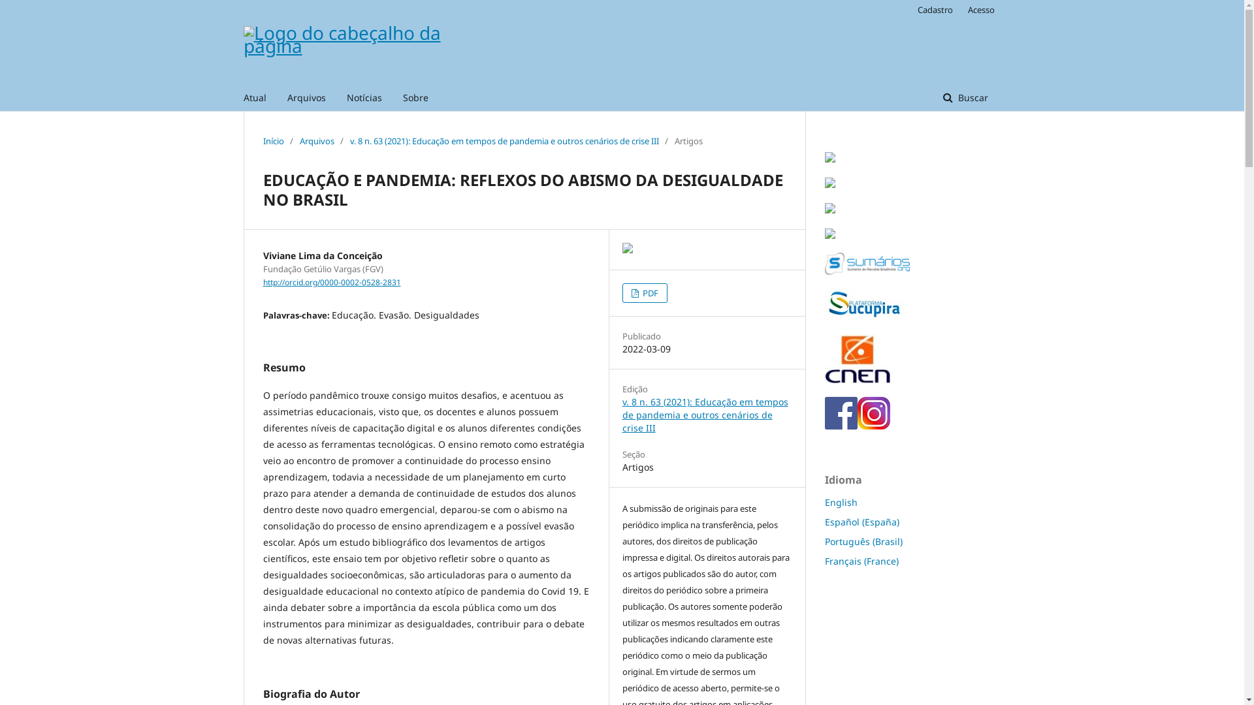 This screenshot has height=705, width=1254. Describe the element at coordinates (414, 97) in the screenshot. I see `'Sobre'` at that location.